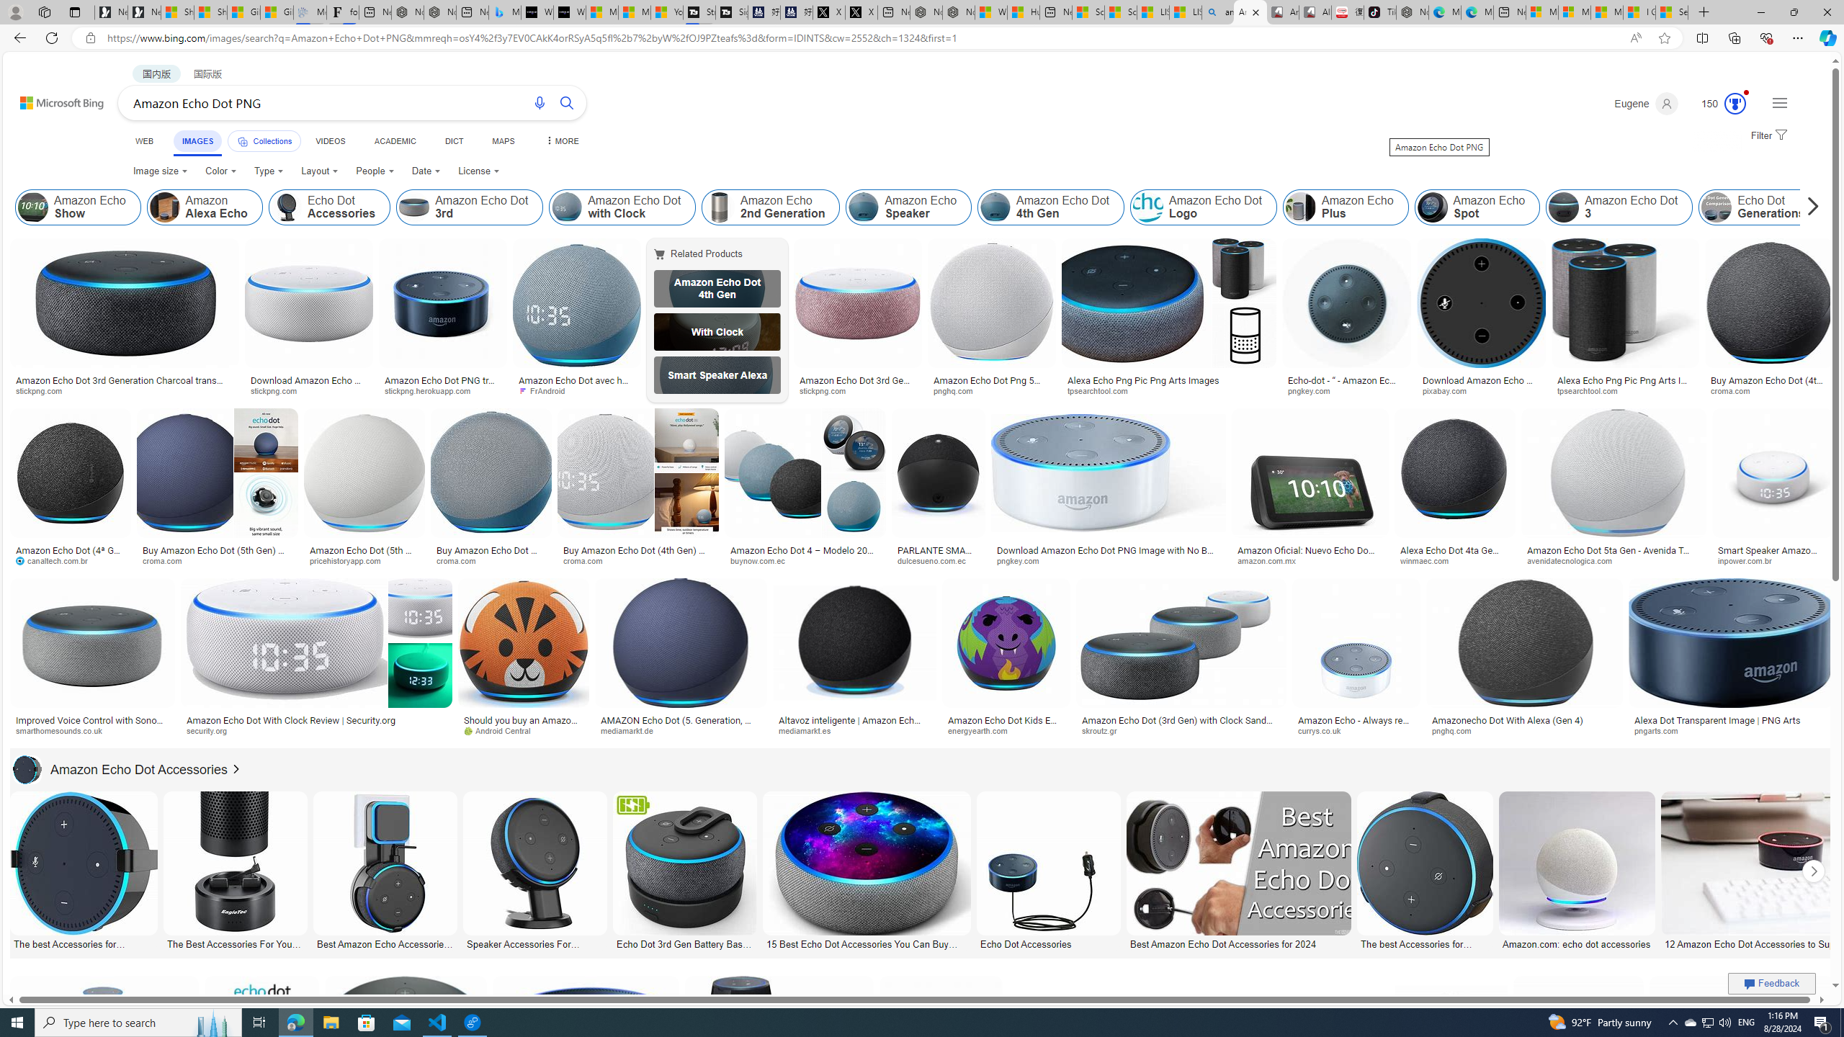 The width and height of the screenshot is (1844, 1037). I want to click on 'Class: outer-circle-animation', so click(1735, 103).